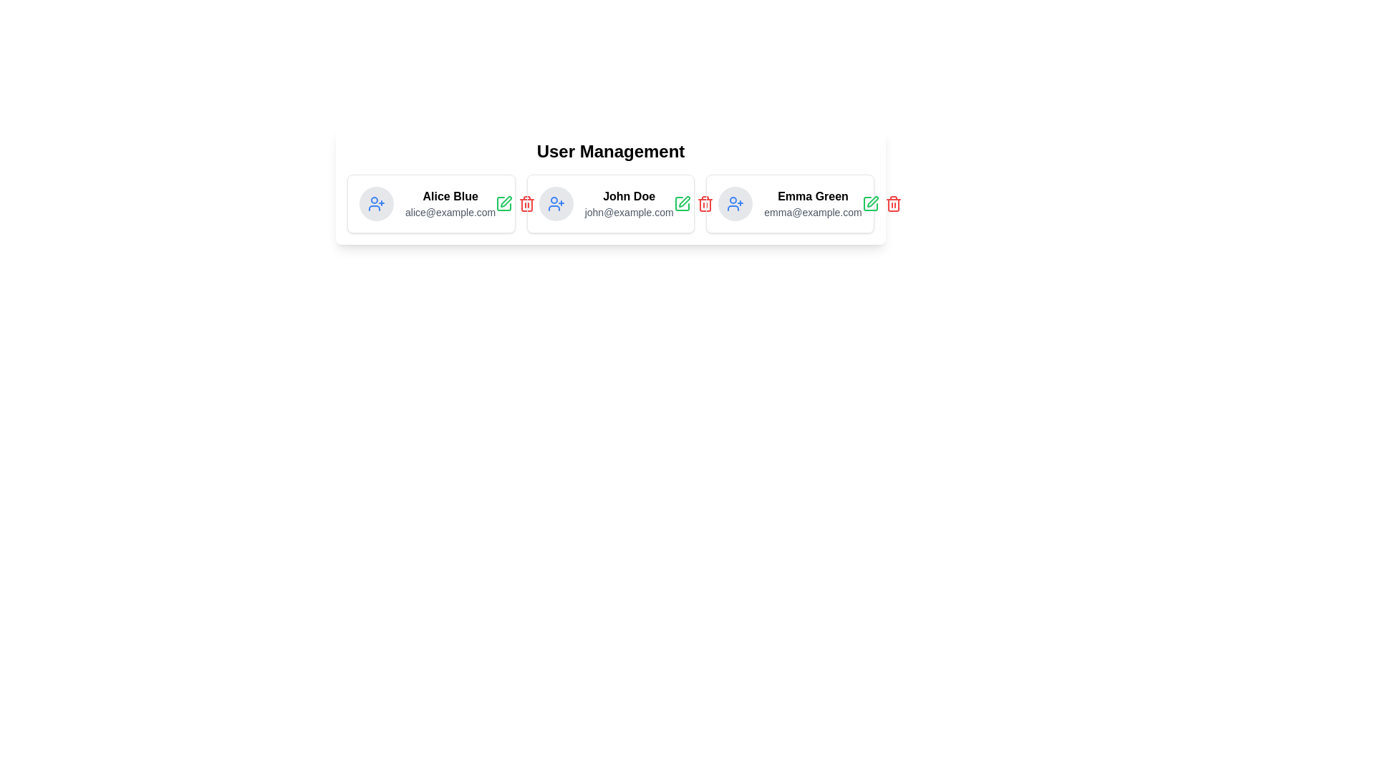 This screenshot has height=773, width=1375. Describe the element at coordinates (611, 204) in the screenshot. I see `the user profile section displaying the name 'John Doe' and email 'john@example.com', which is the second profile in a row of three` at that location.